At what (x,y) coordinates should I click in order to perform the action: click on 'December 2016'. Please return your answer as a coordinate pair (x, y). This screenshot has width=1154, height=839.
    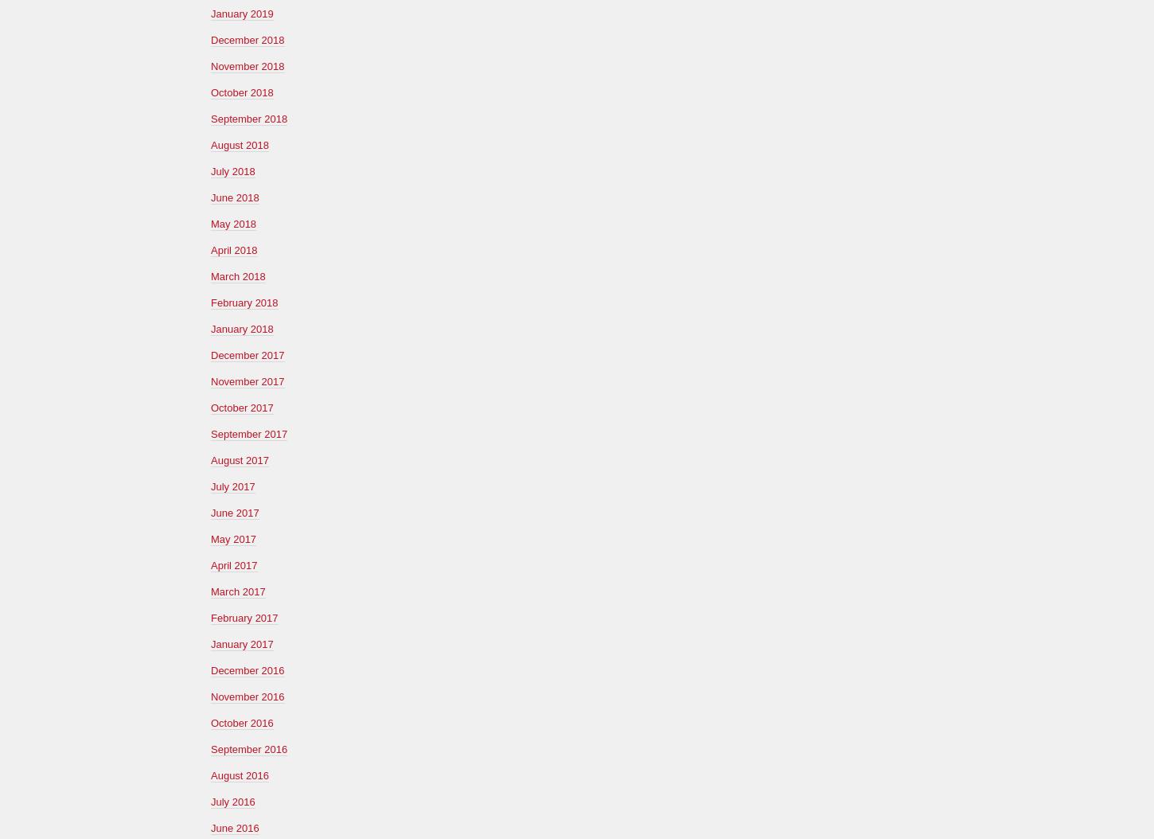
    Looking at the image, I should click on (248, 669).